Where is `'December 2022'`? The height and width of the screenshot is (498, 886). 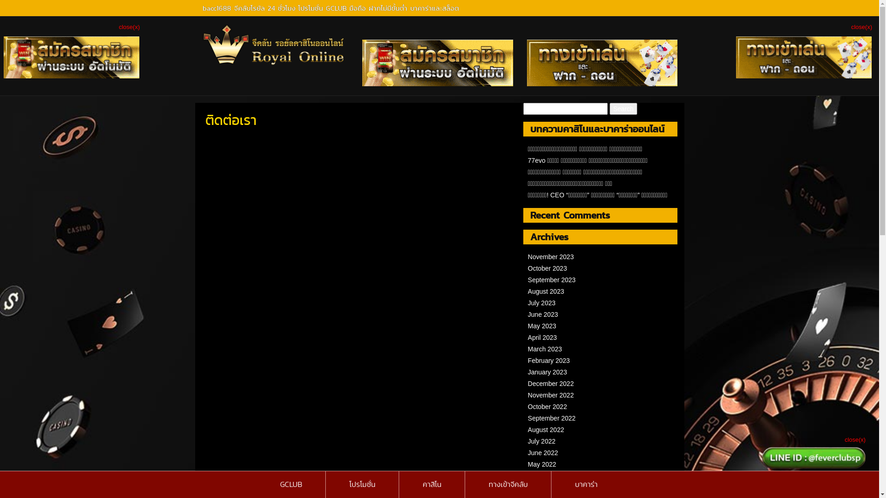 'December 2022' is located at coordinates (551, 384).